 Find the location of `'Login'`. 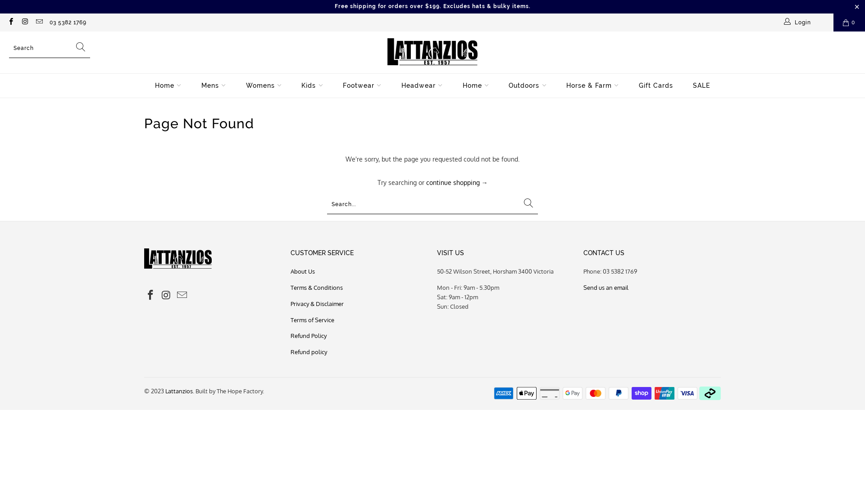

'Login' is located at coordinates (782, 22).